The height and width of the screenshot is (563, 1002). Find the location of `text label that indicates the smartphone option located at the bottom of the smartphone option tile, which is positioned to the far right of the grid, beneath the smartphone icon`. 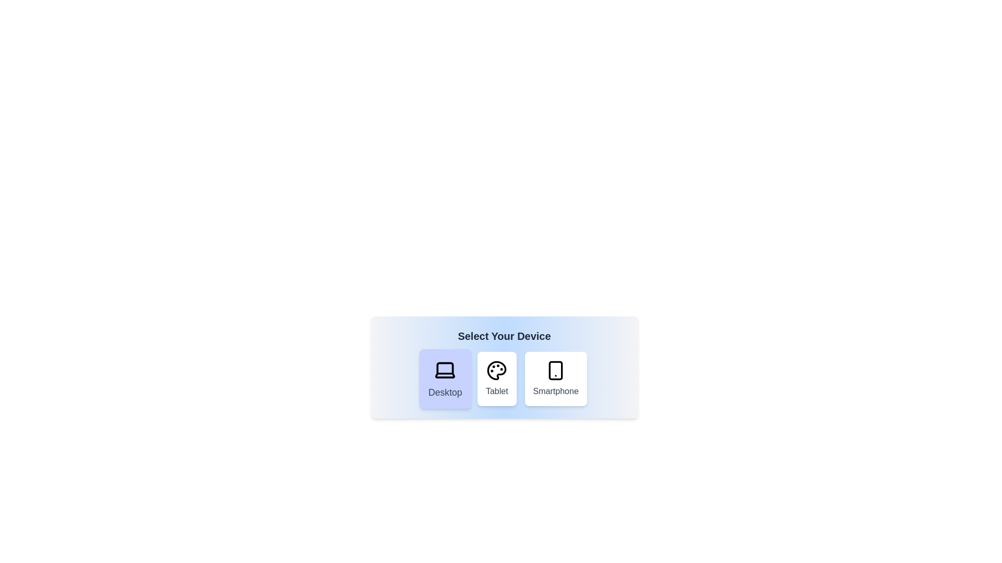

text label that indicates the smartphone option located at the bottom of the smartphone option tile, which is positioned to the far right of the grid, beneath the smartphone icon is located at coordinates (555, 391).